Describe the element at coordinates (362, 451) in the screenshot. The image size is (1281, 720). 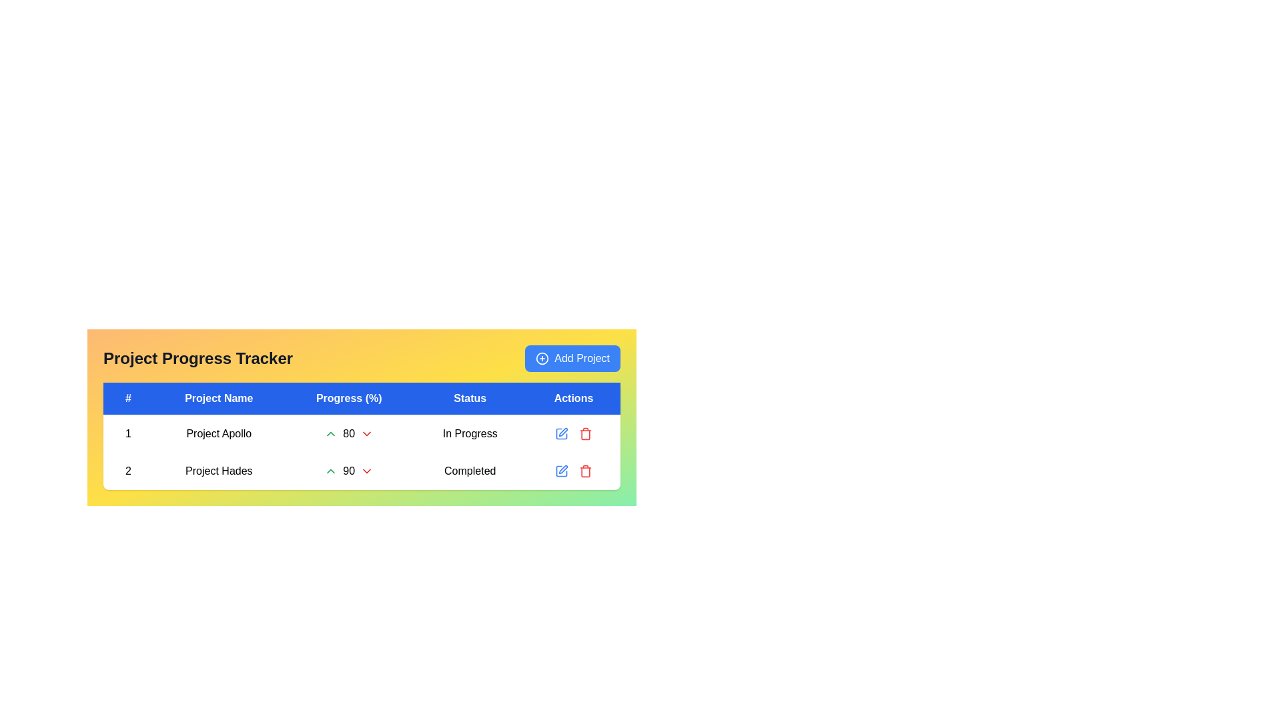
I see `the progress arrows located in the second row of the table under the 'Progress (%)' column to adjust the value` at that location.